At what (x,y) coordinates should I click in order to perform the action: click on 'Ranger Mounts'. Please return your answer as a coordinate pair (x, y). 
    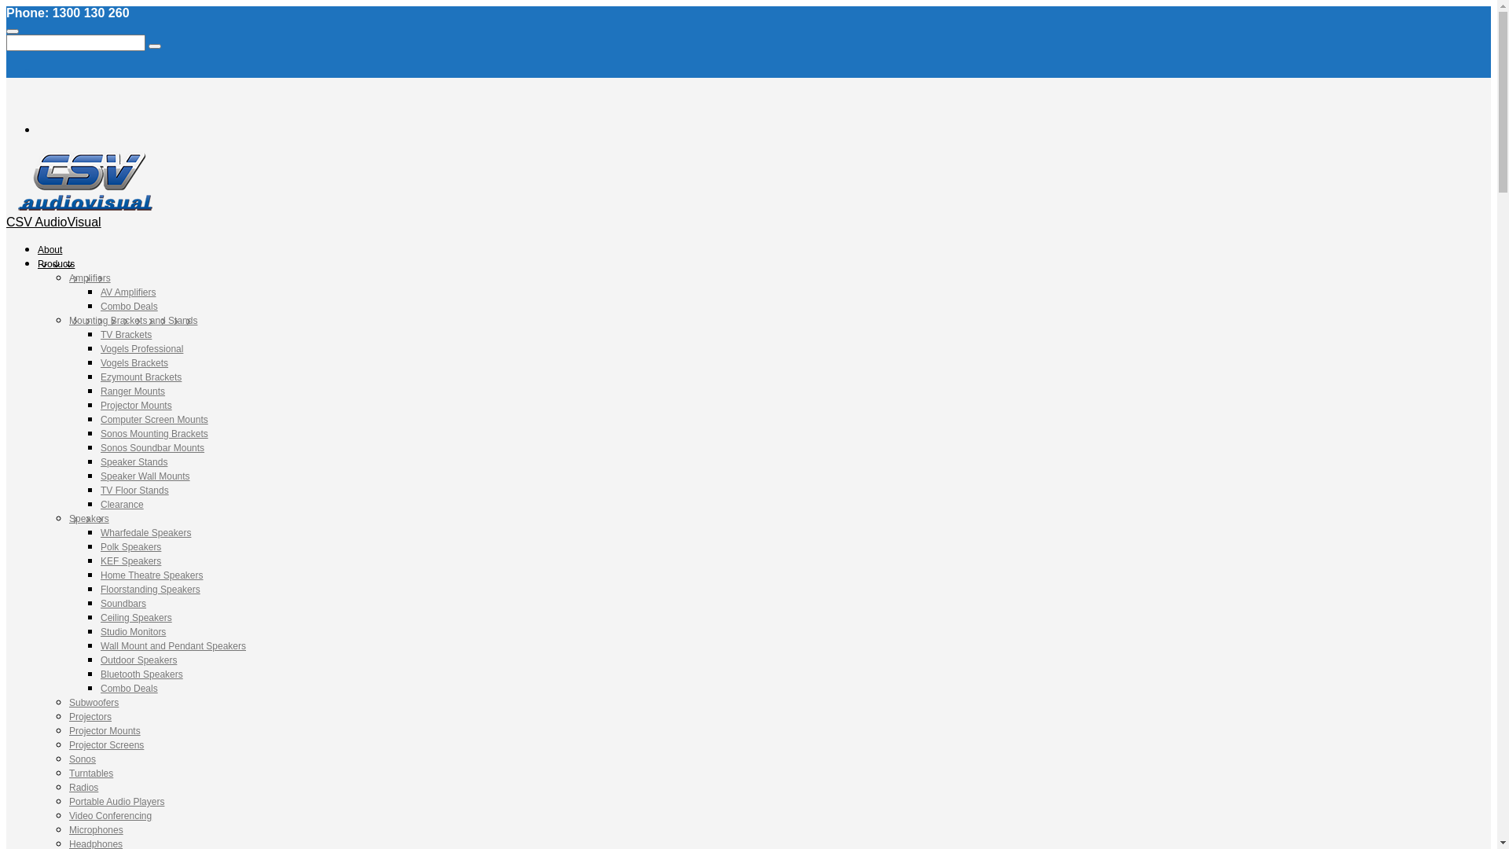
    Looking at the image, I should click on (132, 390).